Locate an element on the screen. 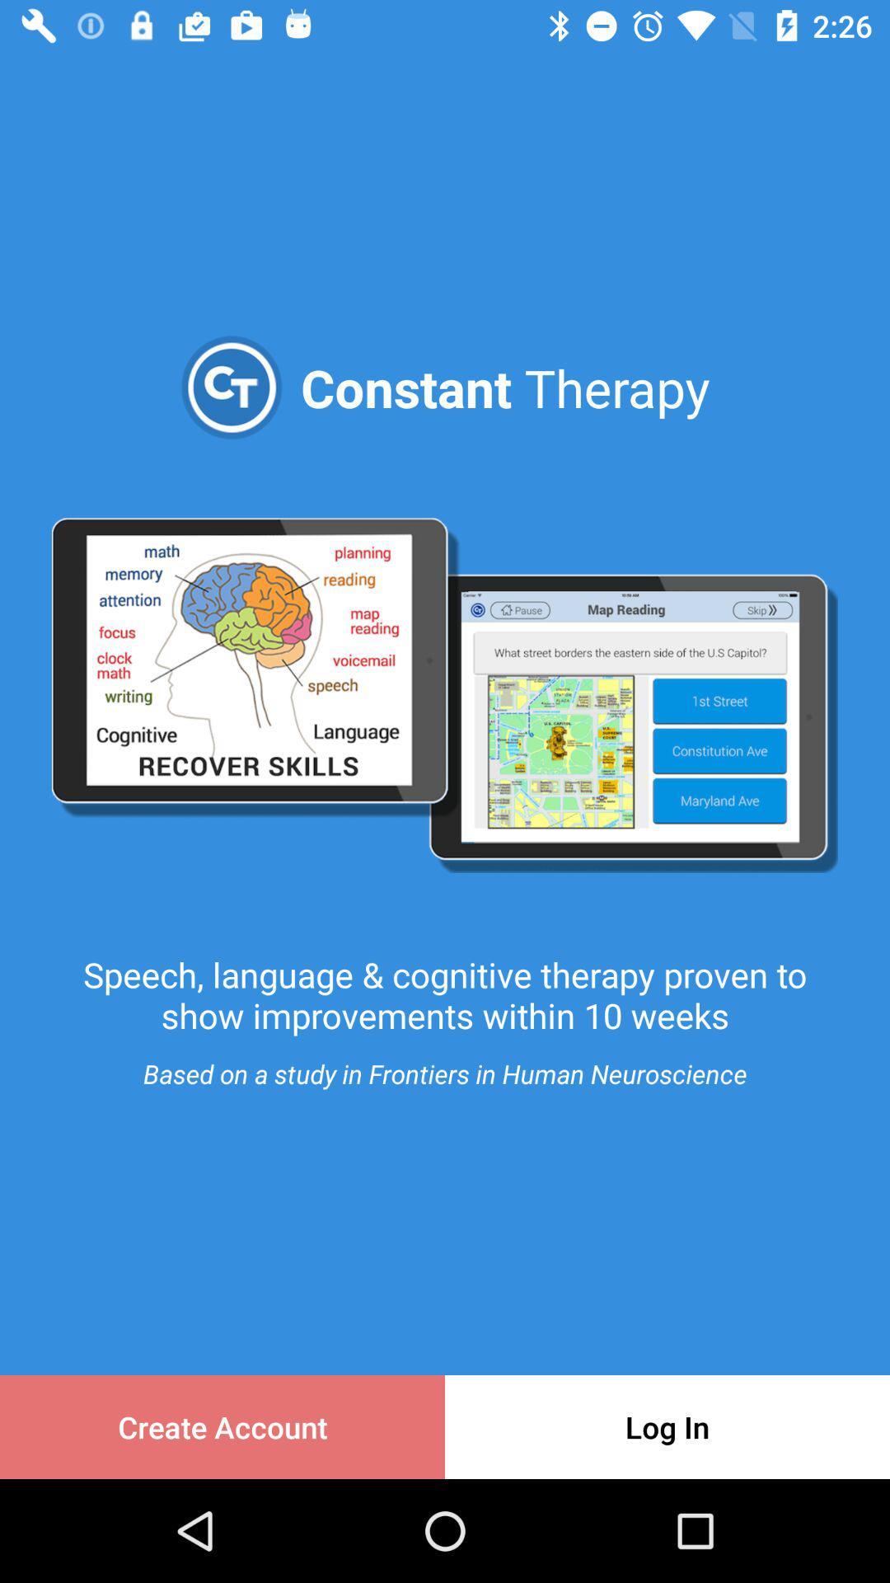 Image resolution: width=890 pixels, height=1583 pixels. icon below the based on a icon is located at coordinates (222, 1426).